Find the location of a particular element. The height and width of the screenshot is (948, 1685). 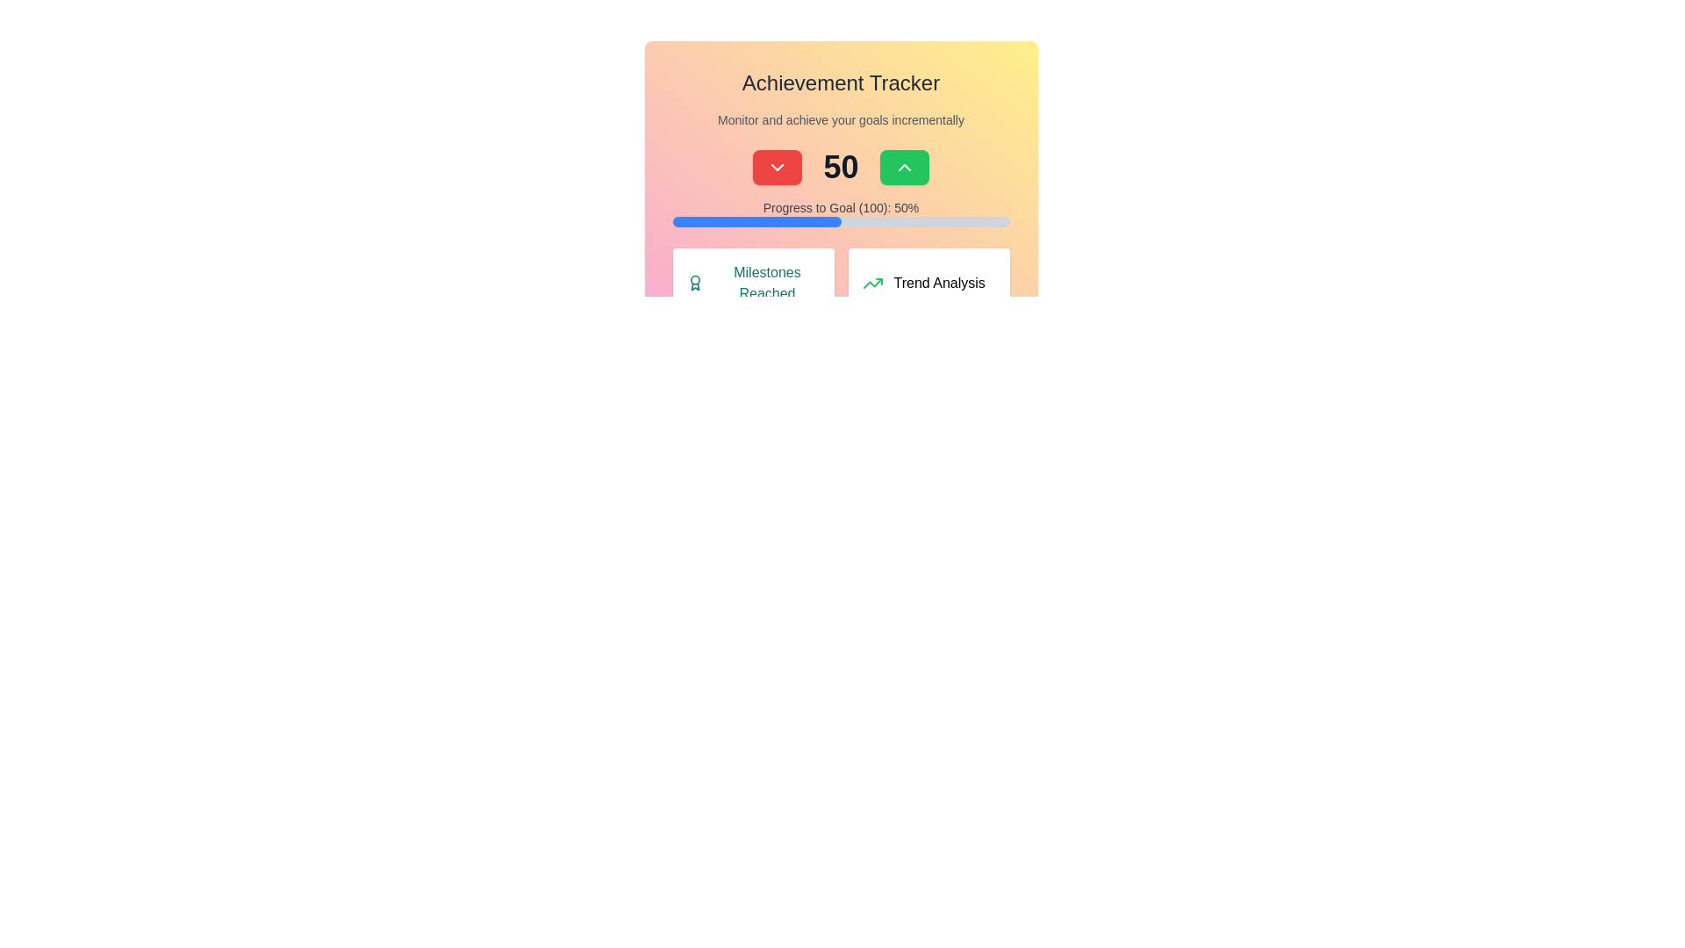

the decorative SVG circle element at the center of the medal icon in the 'Milestones Reached' section is located at coordinates (694, 279).